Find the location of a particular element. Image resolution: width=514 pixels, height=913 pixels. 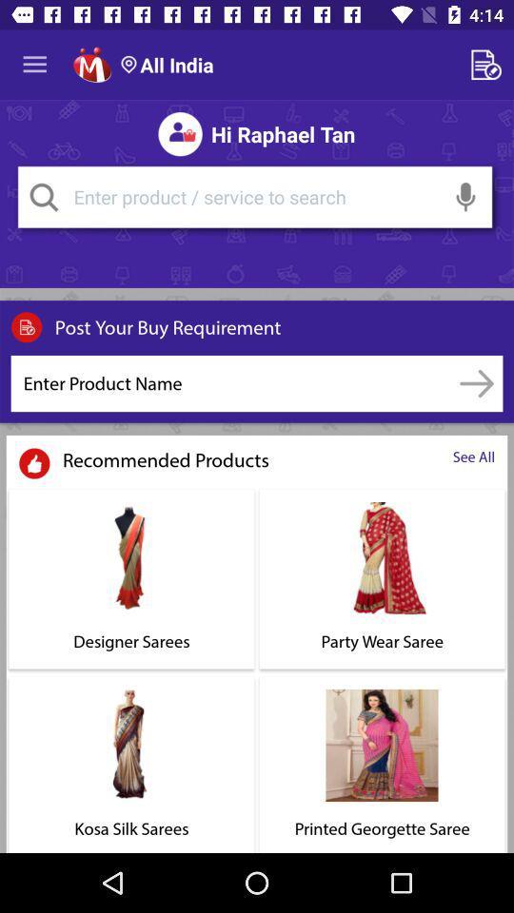

profile is located at coordinates (91, 65).